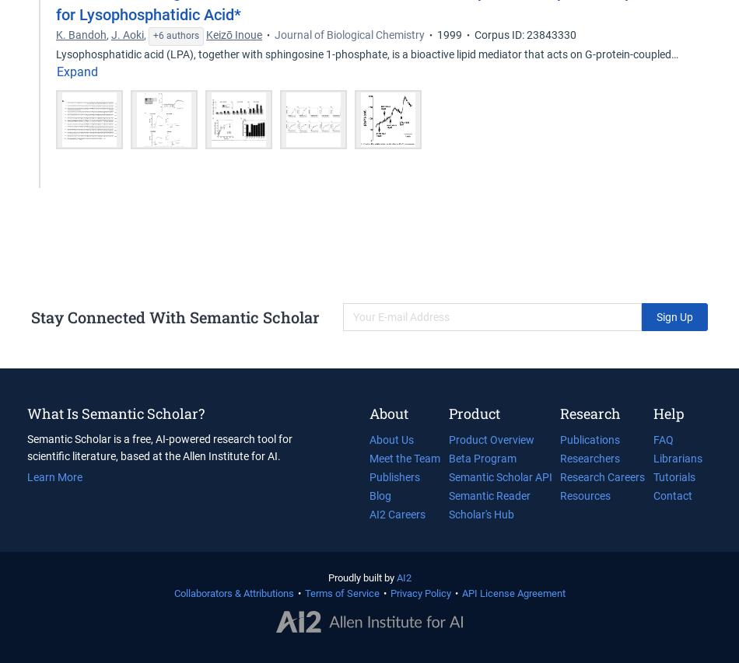 The image size is (739, 663). What do you see at coordinates (589, 439) in the screenshot?
I see `'Publications'` at bounding box center [589, 439].